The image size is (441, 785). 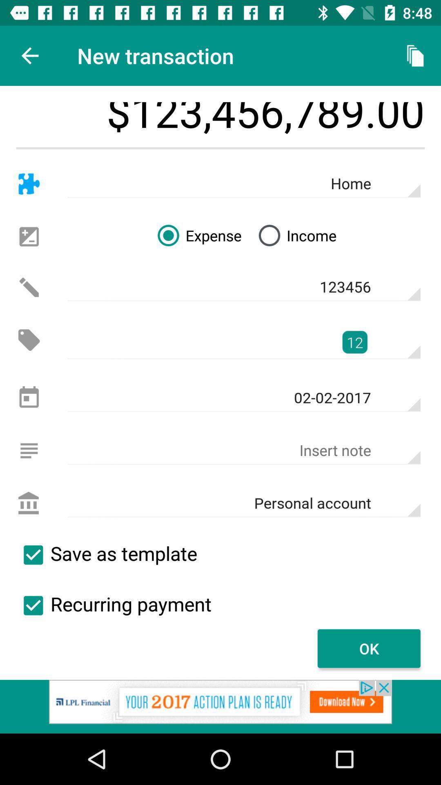 What do you see at coordinates (29, 398) in the screenshot?
I see `edit calendar` at bounding box center [29, 398].